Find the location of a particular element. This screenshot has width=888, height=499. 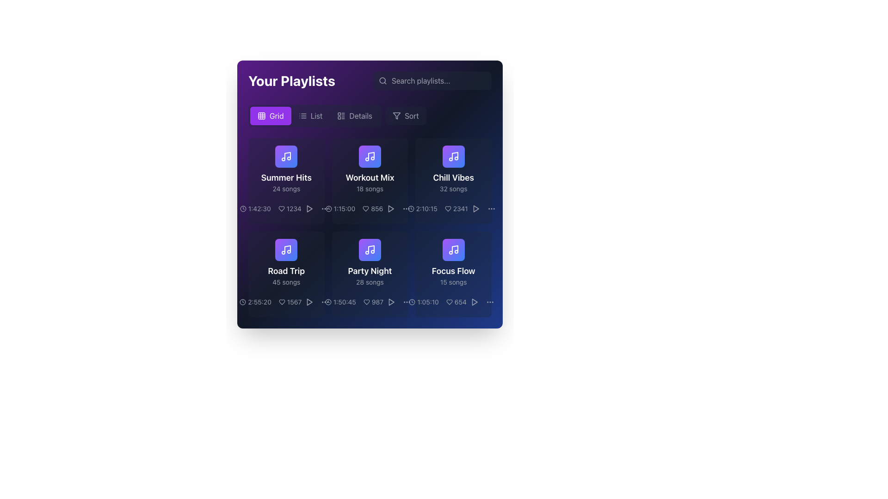

the text label displaying the number '987' within the 'Party Night' playlist section is located at coordinates (373, 302).